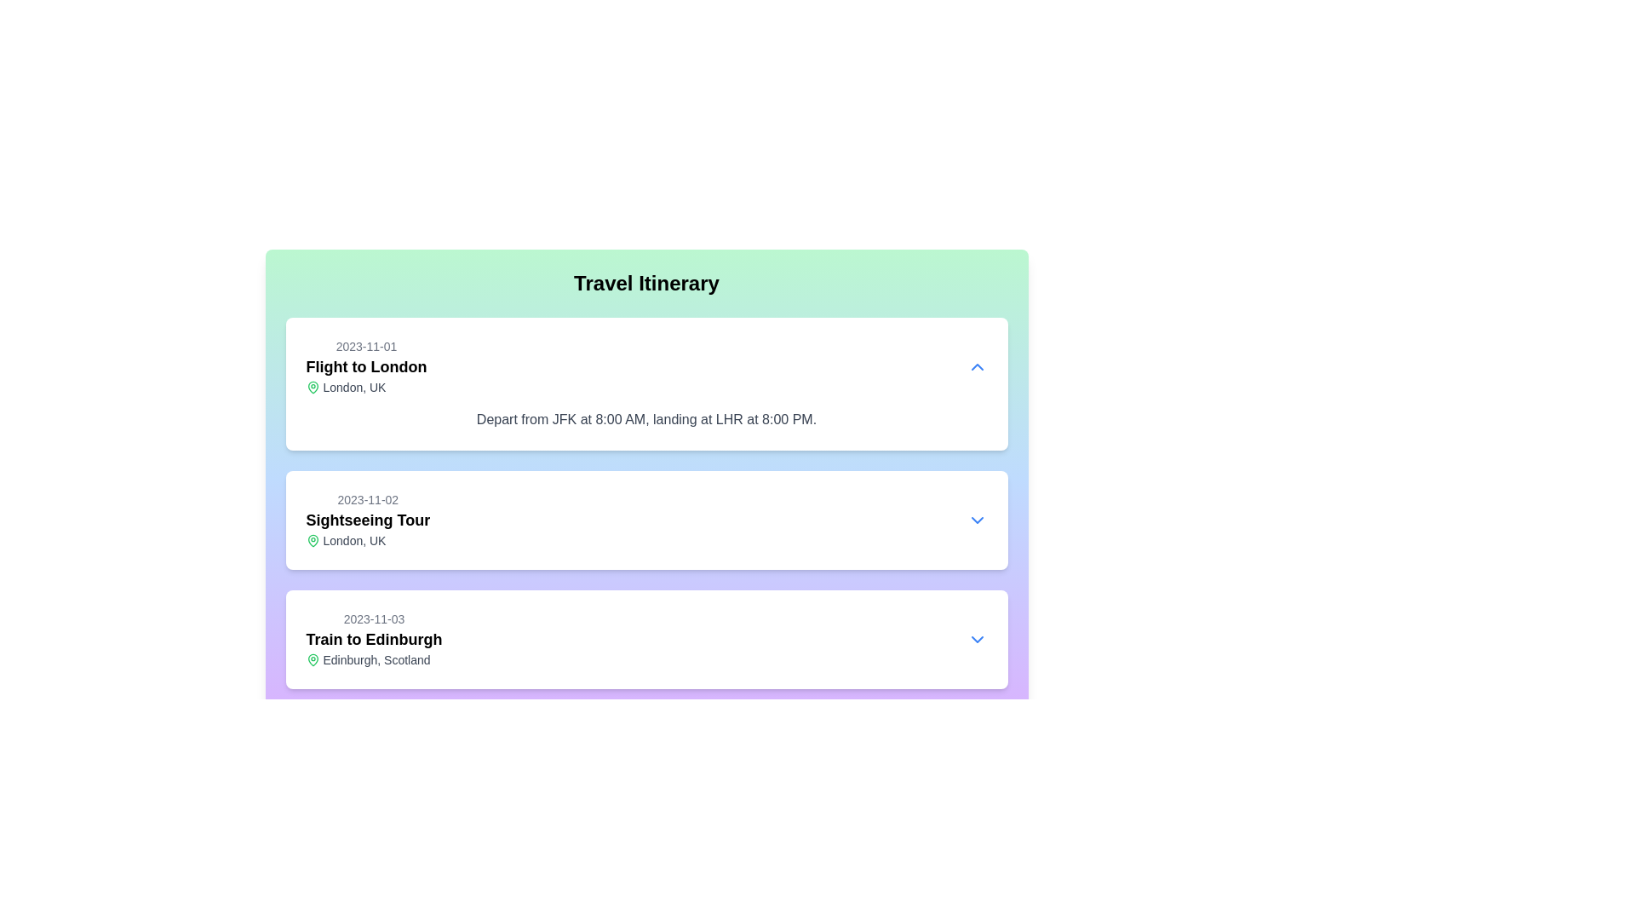 This screenshot has width=1635, height=920. What do you see at coordinates (645, 640) in the screenshot?
I see `the information displayed in the travel itinerary segment containing the date '2023-11-03', title 'Train to Edinburgh', and location 'Edinburgh, Scotland'` at bounding box center [645, 640].